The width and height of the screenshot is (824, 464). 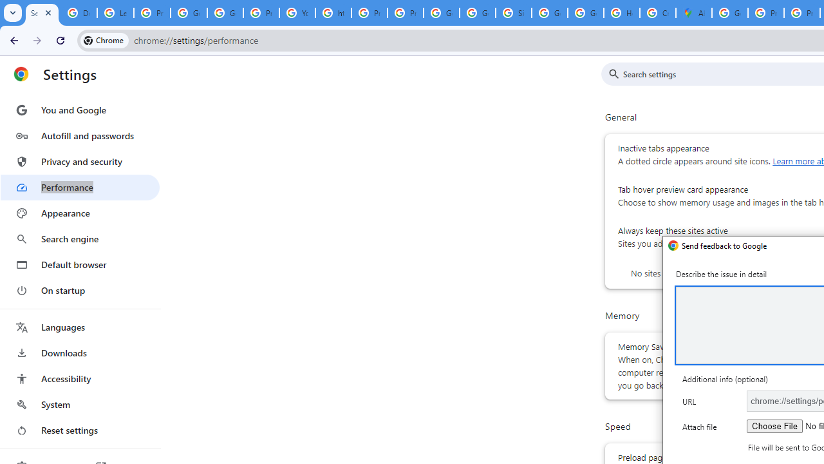 I want to click on 'Languages', so click(x=79, y=326).